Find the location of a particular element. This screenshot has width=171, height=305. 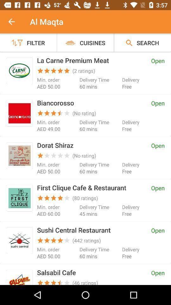

click the app icon is located at coordinates (19, 240).